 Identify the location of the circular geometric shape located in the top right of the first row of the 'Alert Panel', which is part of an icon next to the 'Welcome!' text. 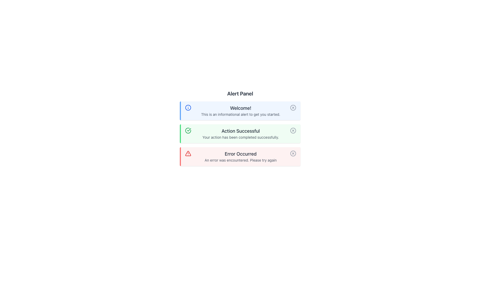
(293, 107).